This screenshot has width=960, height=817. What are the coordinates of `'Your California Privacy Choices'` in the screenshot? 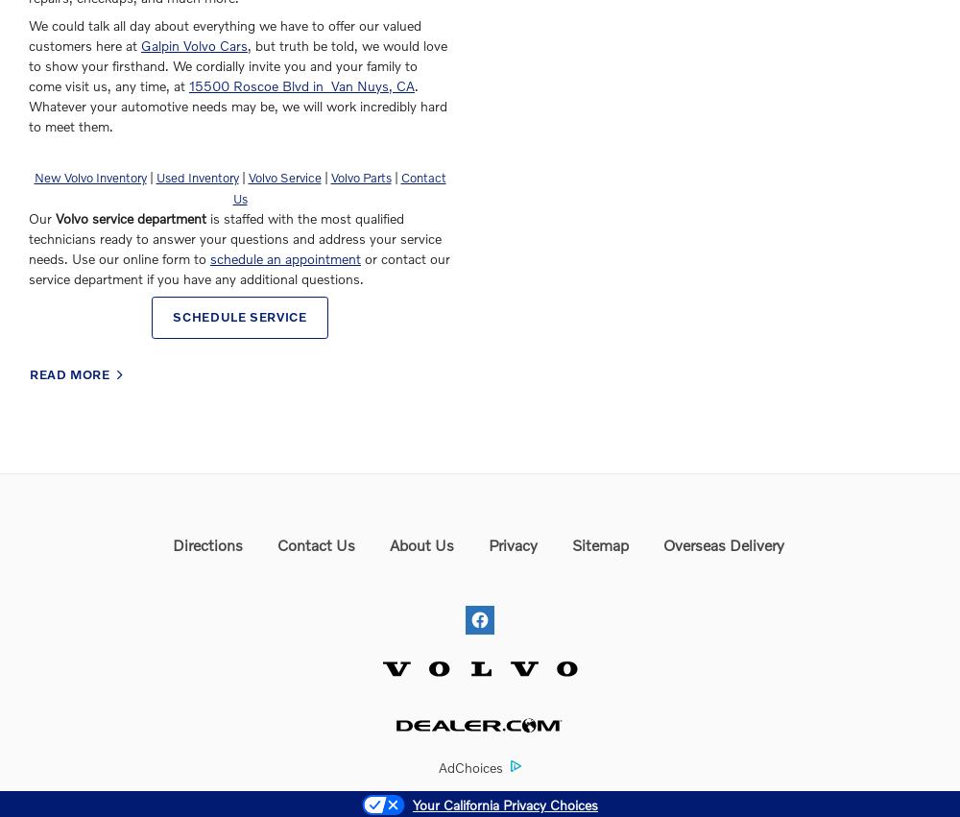 It's located at (413, 805).